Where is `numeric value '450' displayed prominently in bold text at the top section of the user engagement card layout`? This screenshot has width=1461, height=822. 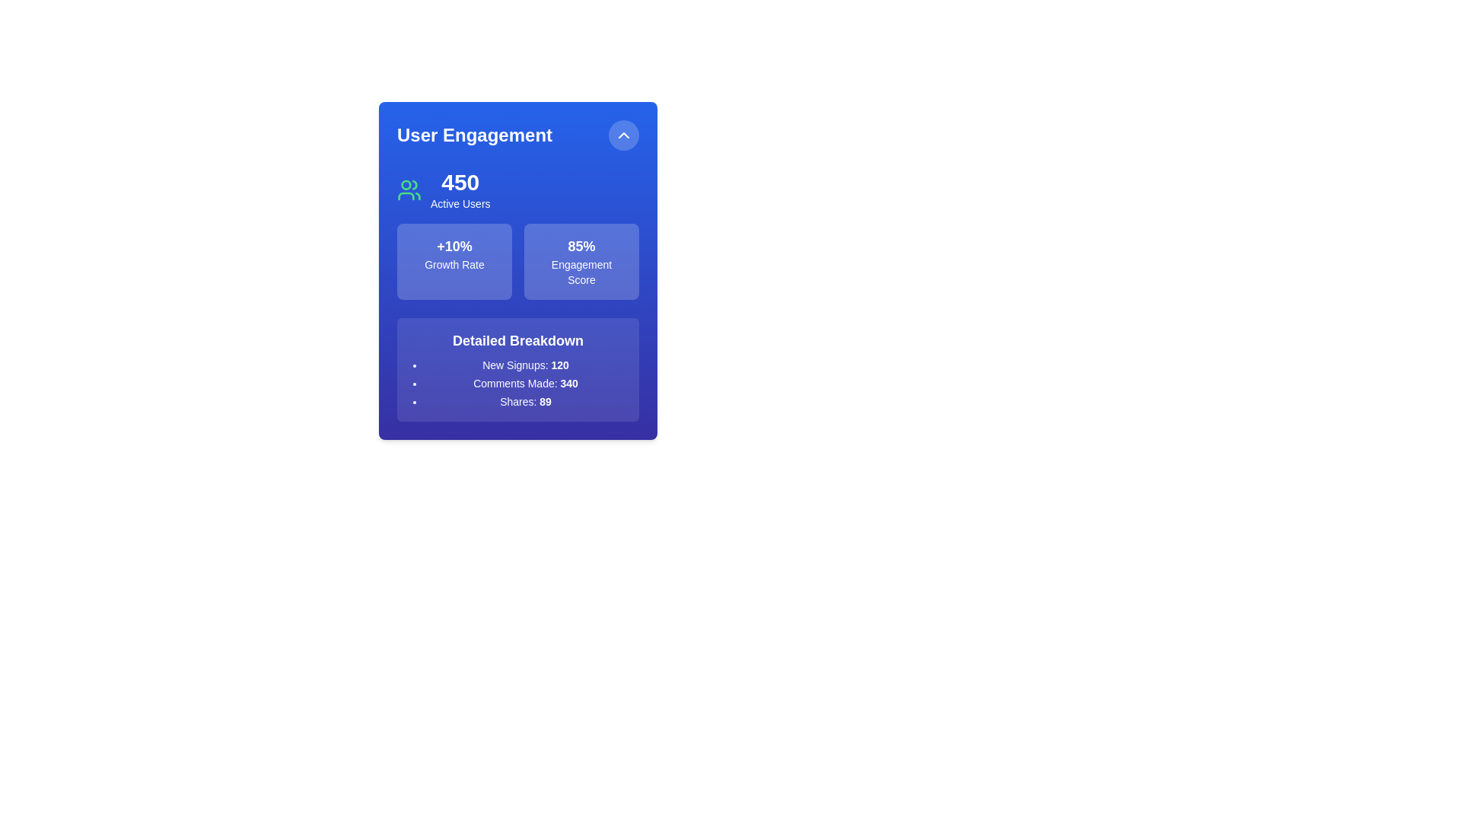 numeric value '450' displayed prominently in bold text at the top section of the user engagement card layout is located at coordinates (460, 181).